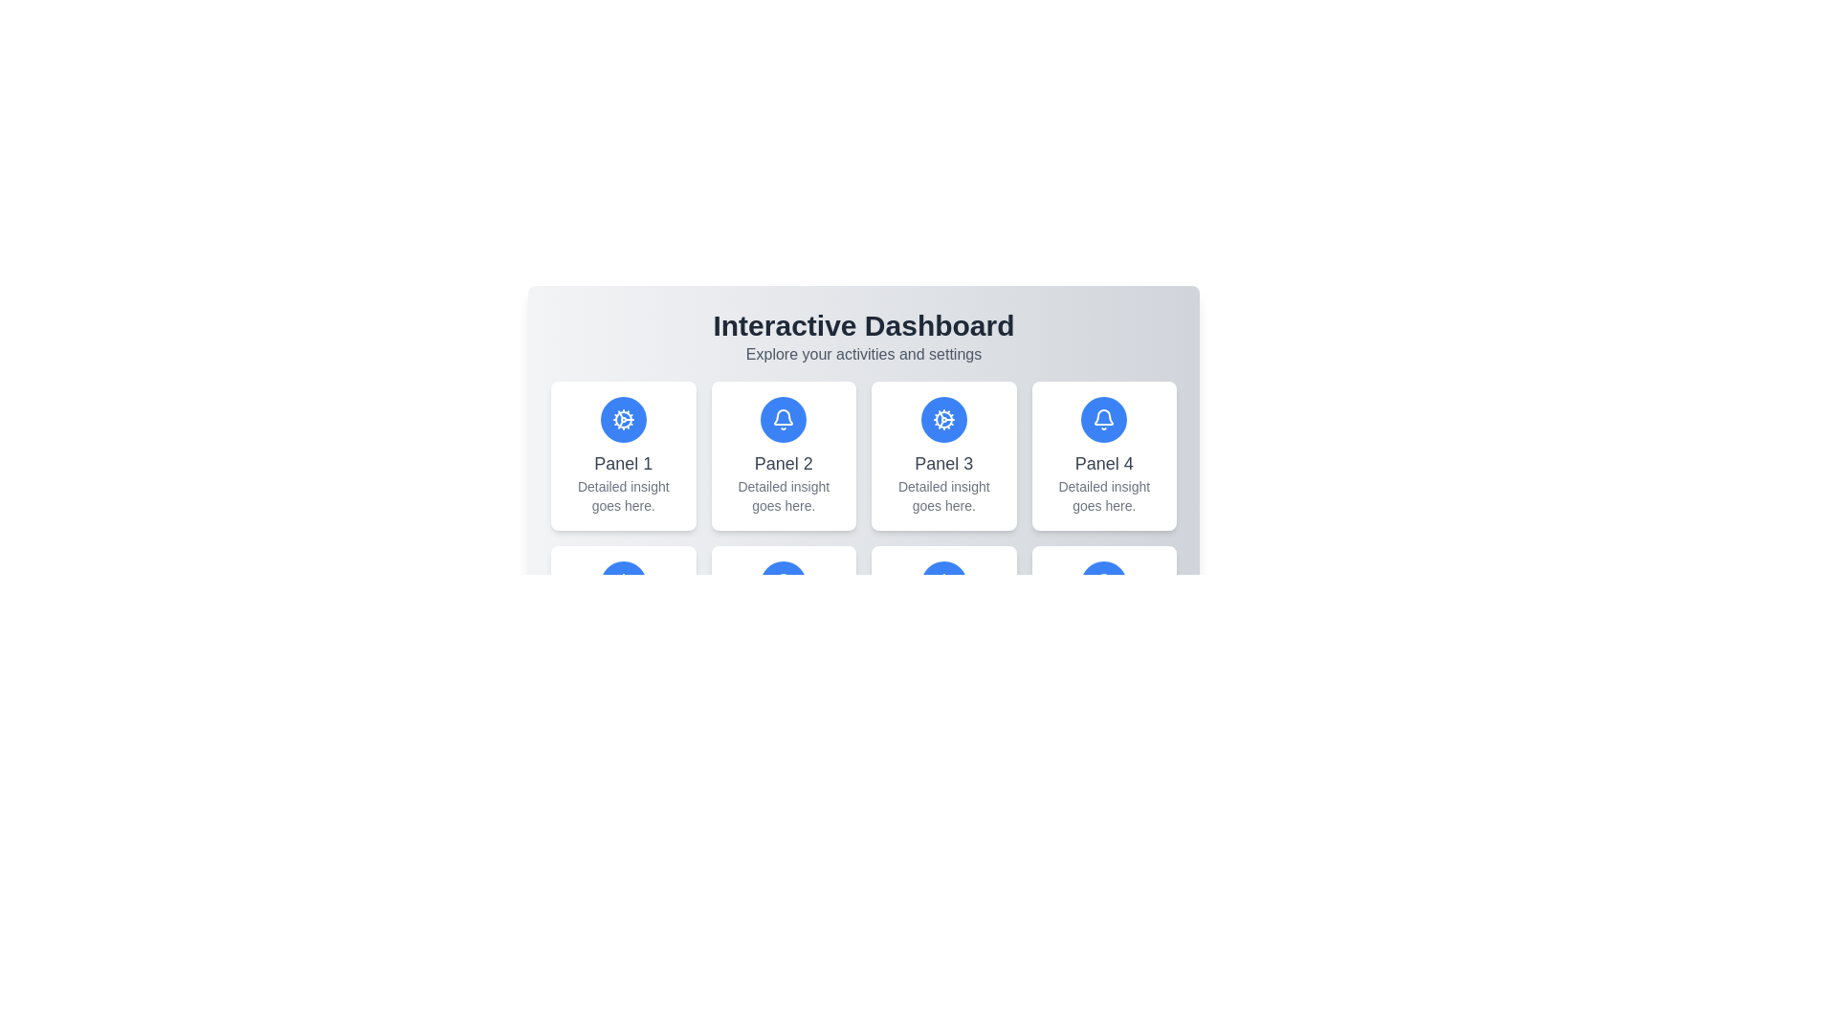  What do you see at coordinates (784, 582) in the screenshot?
I see `the bell-shaped icon located in the blue circular section atop the second panel of the first row in the dashboard layout` at bounding box center [784, 582].